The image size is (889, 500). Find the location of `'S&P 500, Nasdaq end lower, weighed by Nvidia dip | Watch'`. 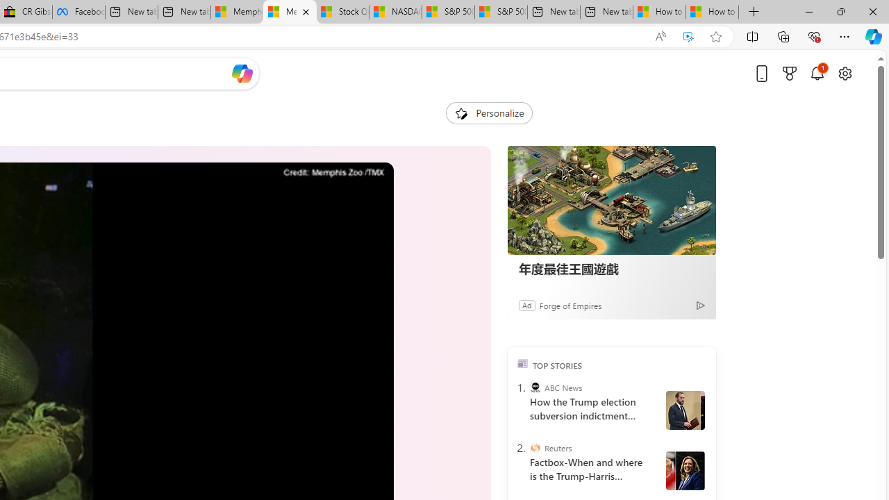

'S&P 500, Nasdaq end lower, weighed by Nvidia dip | Watch' is located at coordinates (500, 12).